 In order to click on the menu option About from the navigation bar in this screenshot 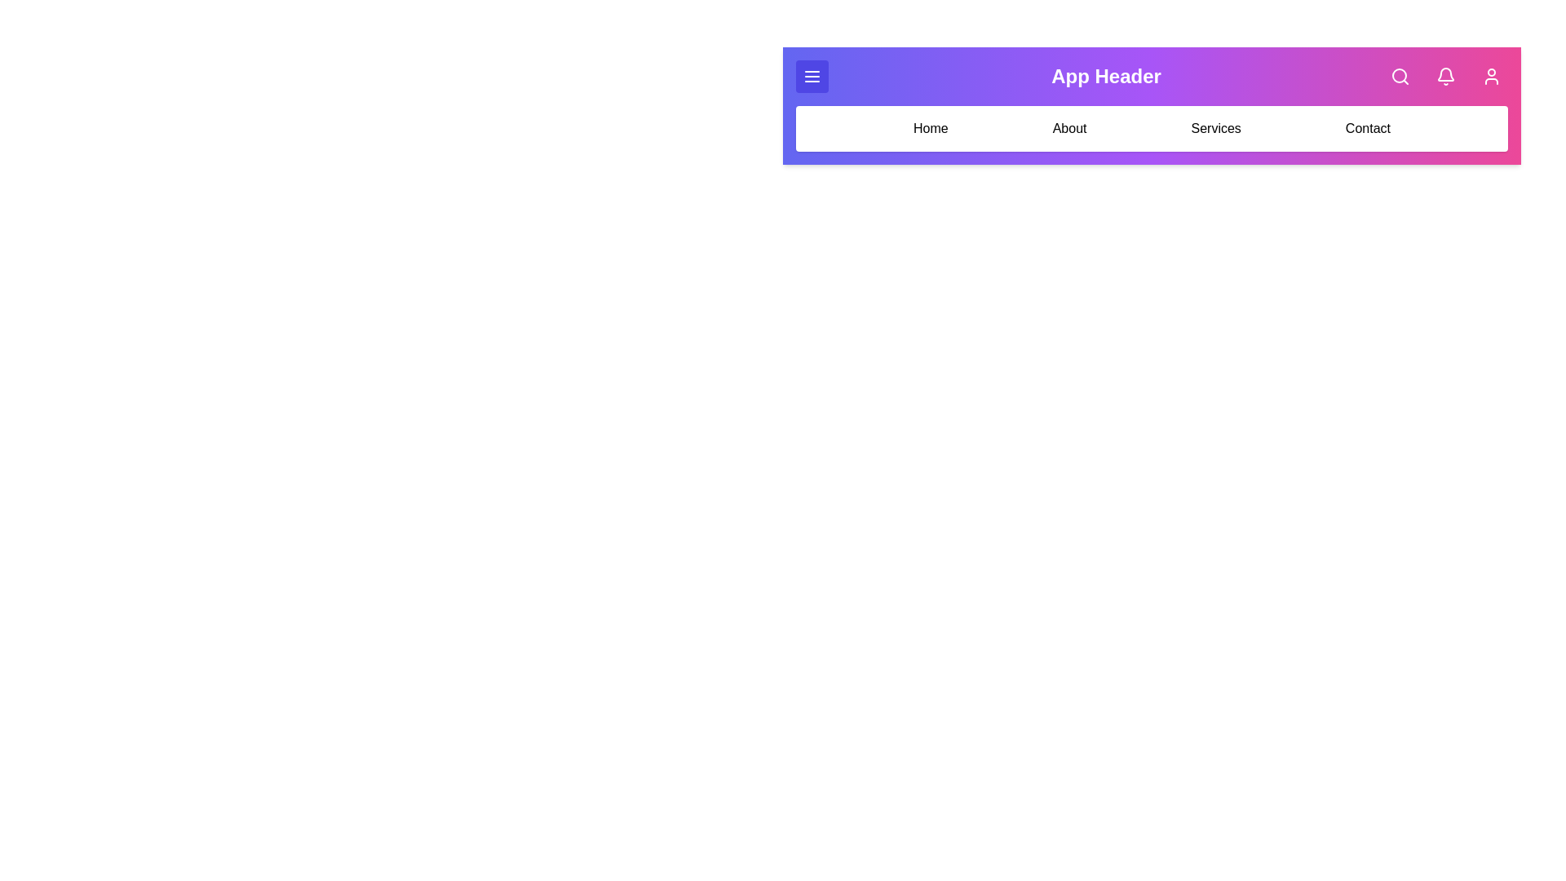, I will do `click(1069, 128)`.